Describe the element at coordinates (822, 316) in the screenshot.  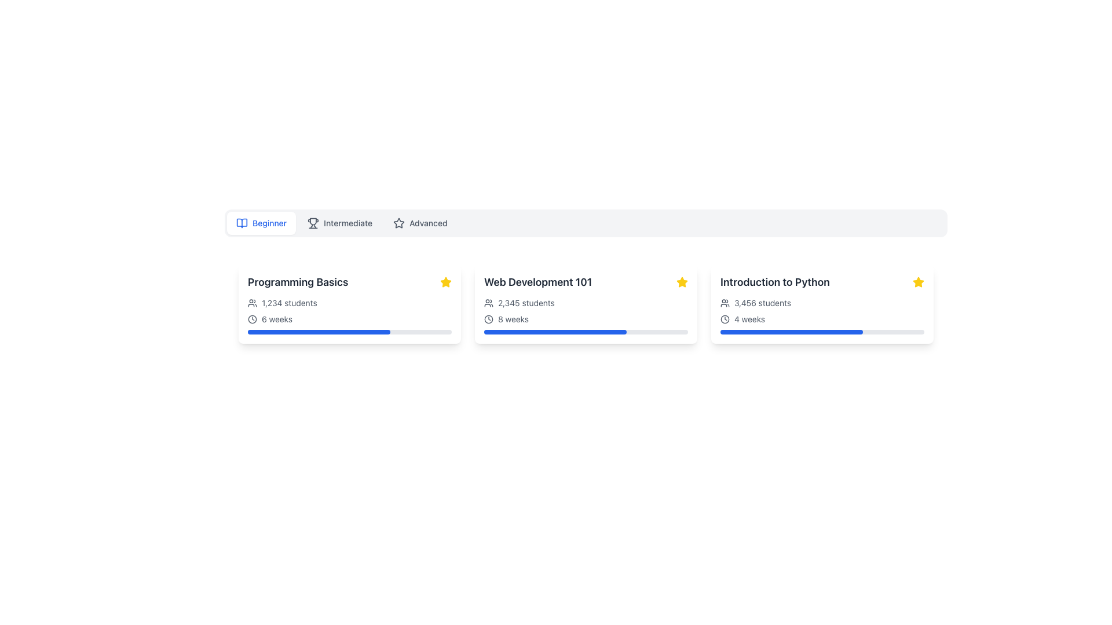
I see `the informational display component that shows '3,456 students' and '4 weeks', positioned below the course title 'Introduction to Python' and above the blue progress bar` at that location.